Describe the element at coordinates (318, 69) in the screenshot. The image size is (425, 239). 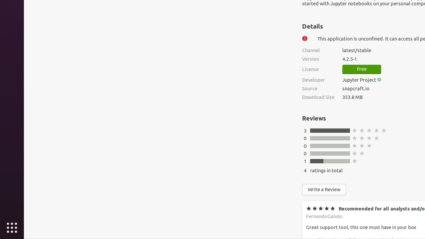
I see `'License'` at that location.